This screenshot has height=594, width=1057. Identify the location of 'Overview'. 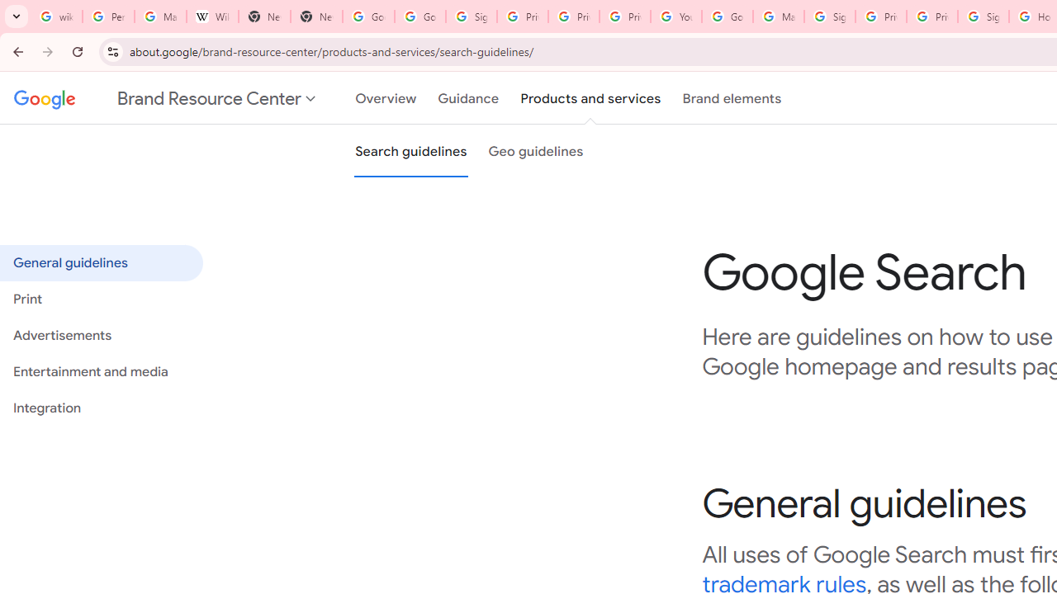
(385, 98).